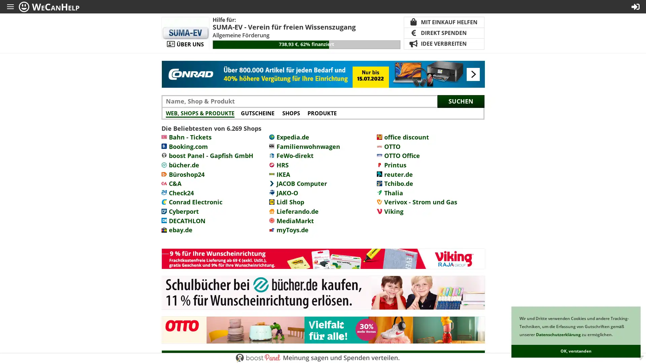 The image size is (646, 363). I want to click on learn more about cookies, so click(614, 335).